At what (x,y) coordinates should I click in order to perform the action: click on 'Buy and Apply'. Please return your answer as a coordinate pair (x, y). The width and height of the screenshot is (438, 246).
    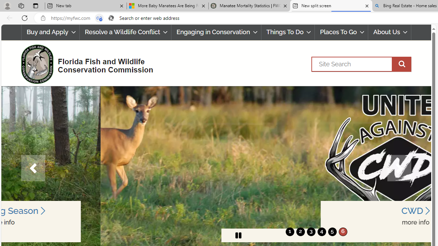
    Looking at the image, I should click on (50, 32).